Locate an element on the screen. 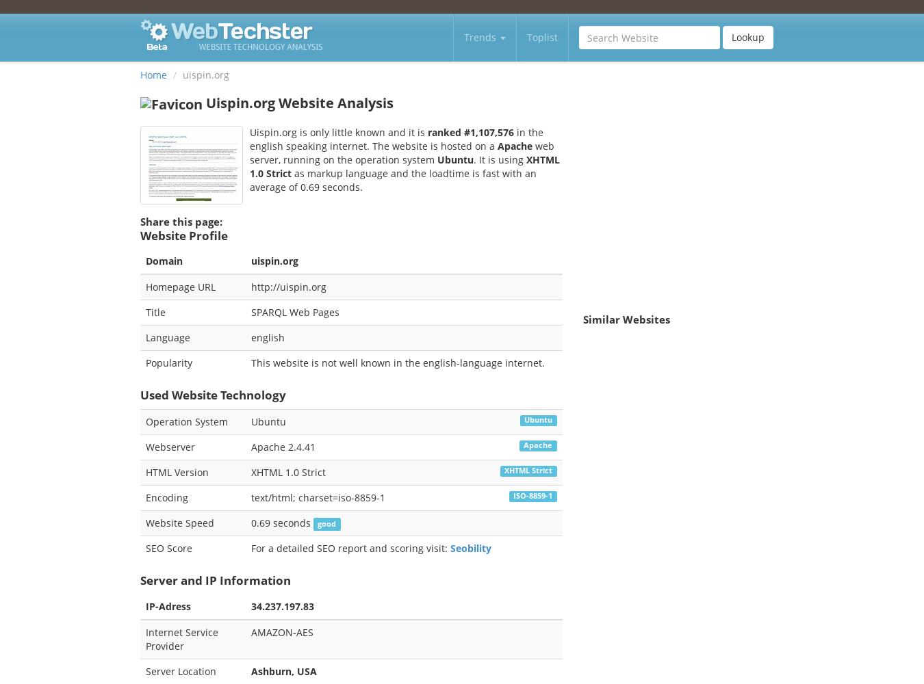  'IP-Adress' is located at coordinates (167, 605).